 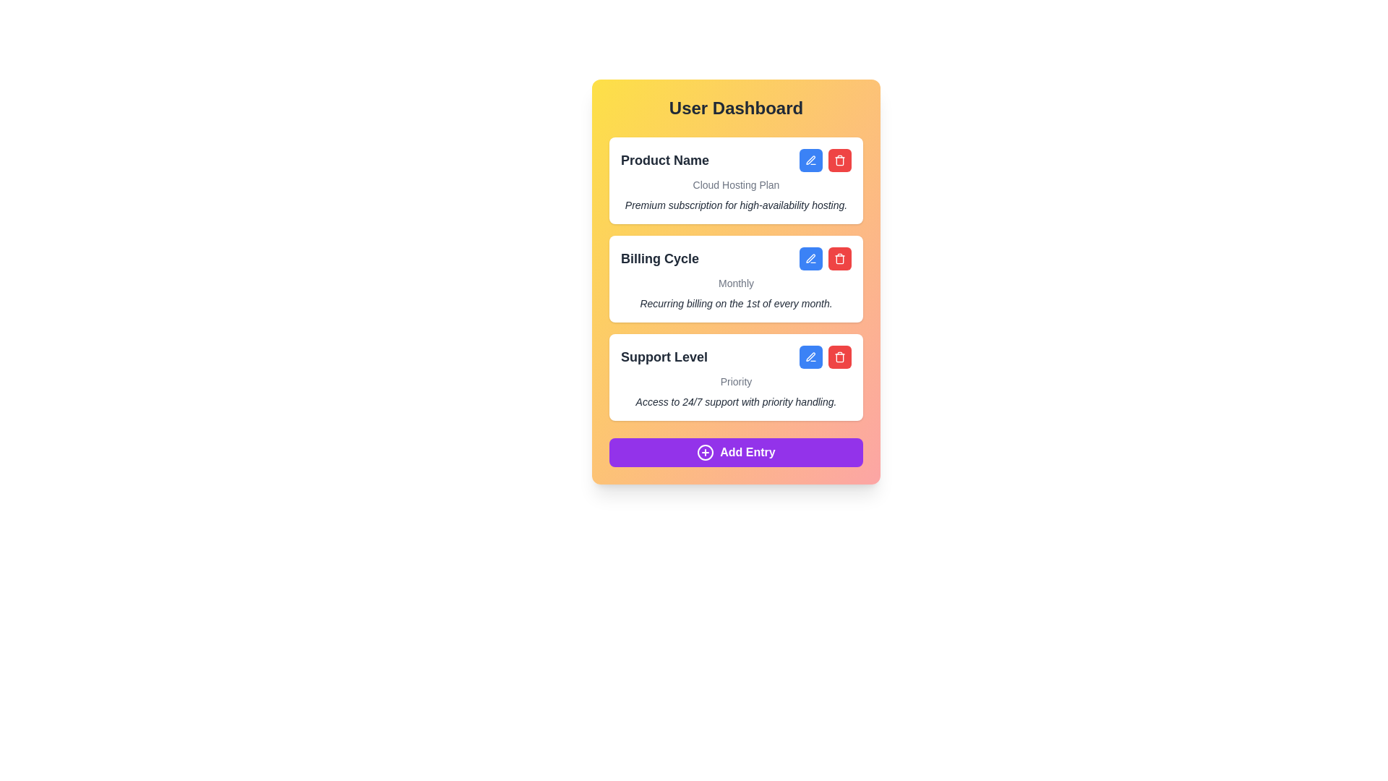 What do you see at coordinates (811, 357) in the screenshot?
I see `the small rectangular blue button with a white pen icon` at bounding box center [811, 357].